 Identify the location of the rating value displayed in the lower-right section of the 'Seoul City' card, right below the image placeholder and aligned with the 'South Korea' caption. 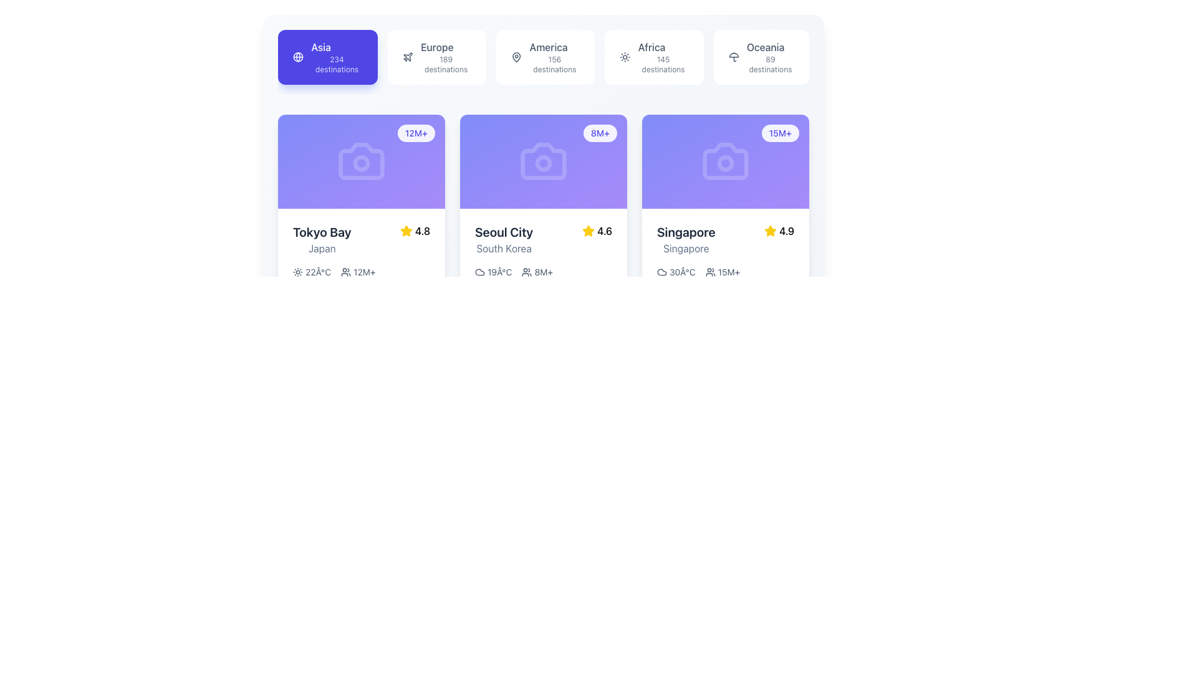
(597, 231).